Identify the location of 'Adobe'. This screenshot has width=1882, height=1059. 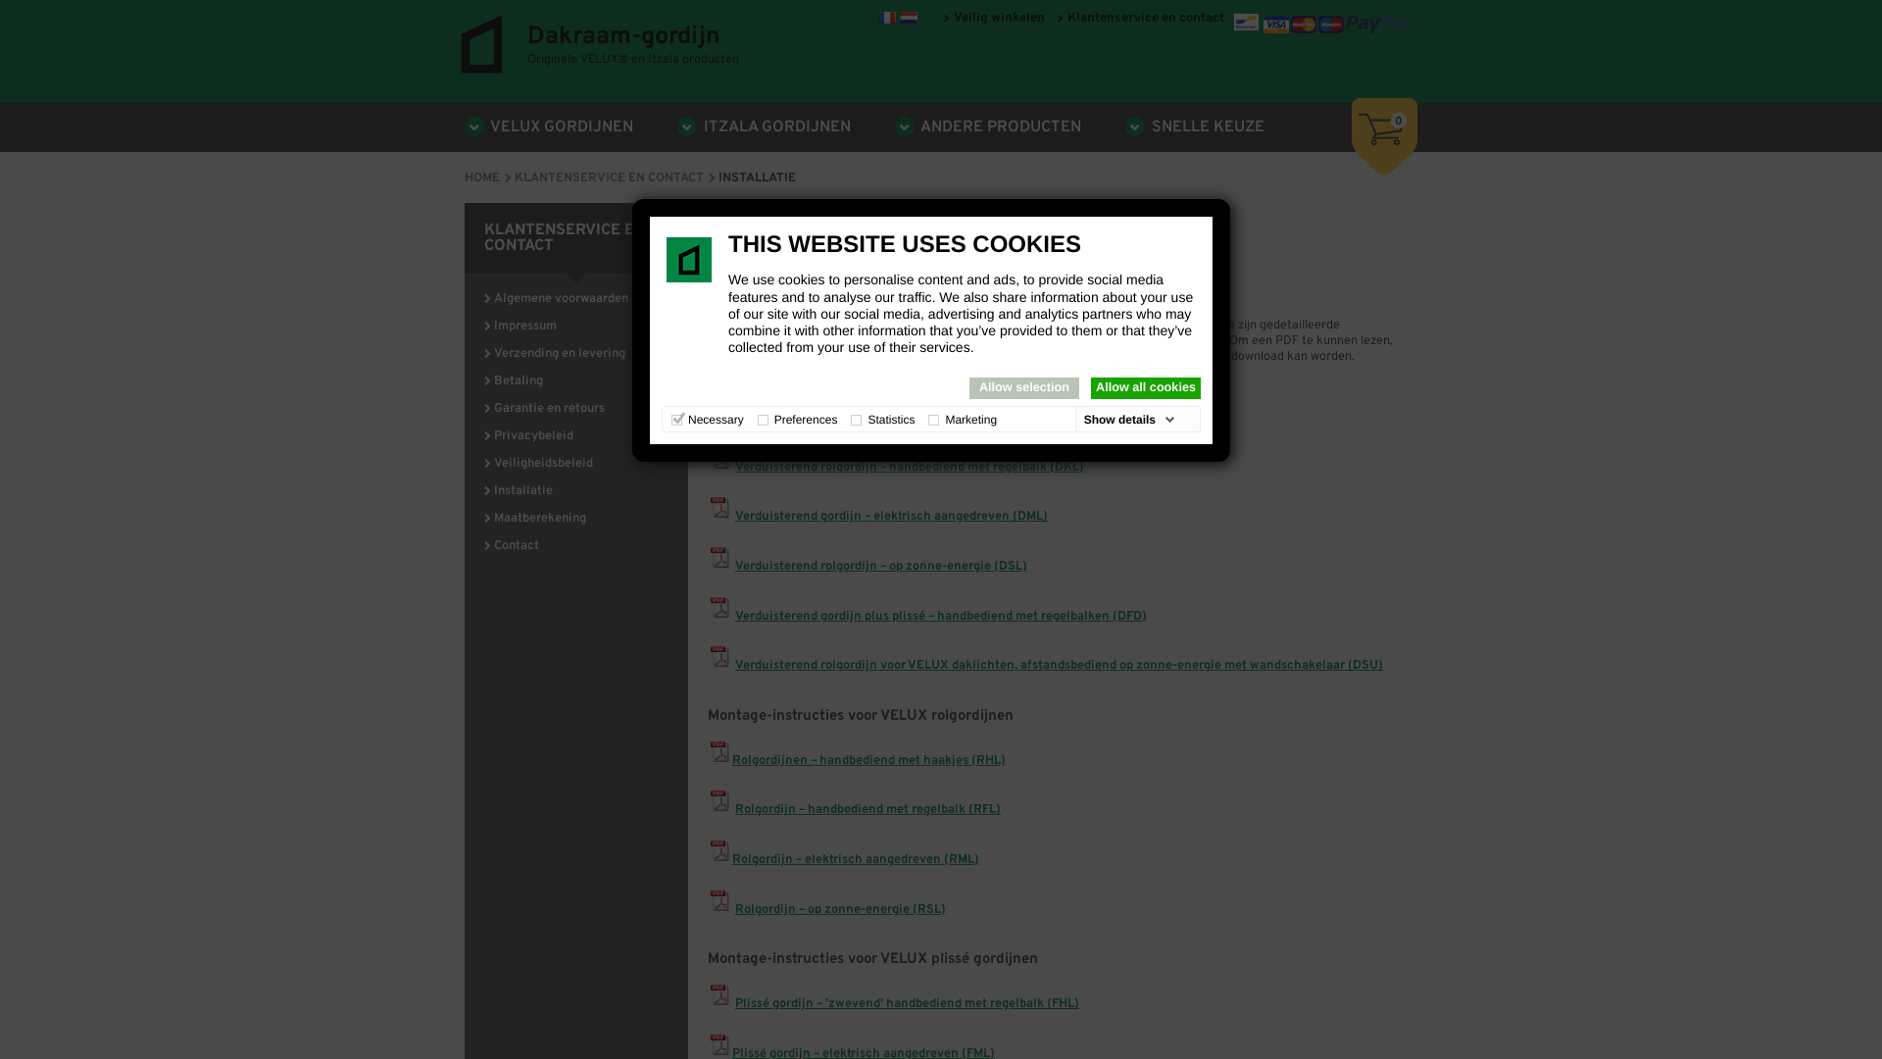
(1195, 356).